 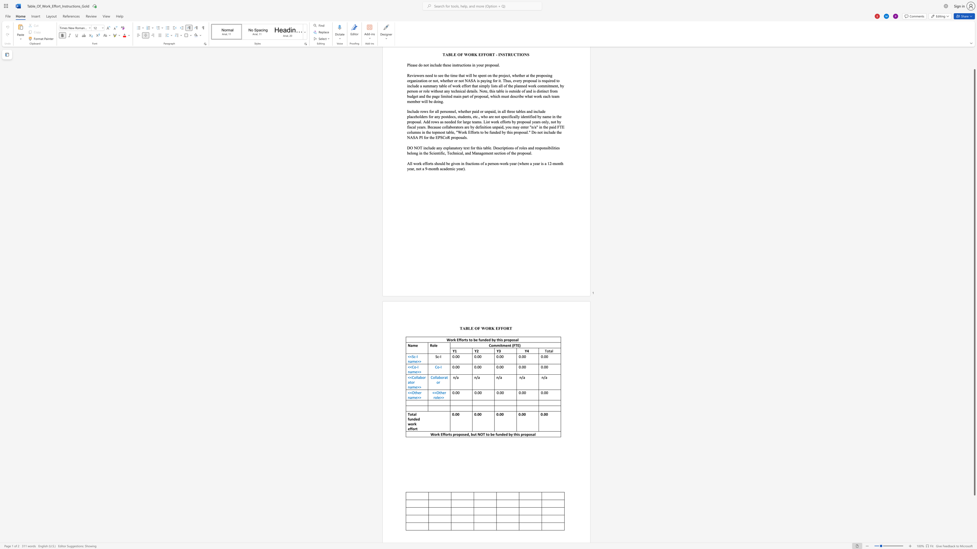 I want to click on the vertical scrollbar to raise the page content, so click(x=974, y=58).